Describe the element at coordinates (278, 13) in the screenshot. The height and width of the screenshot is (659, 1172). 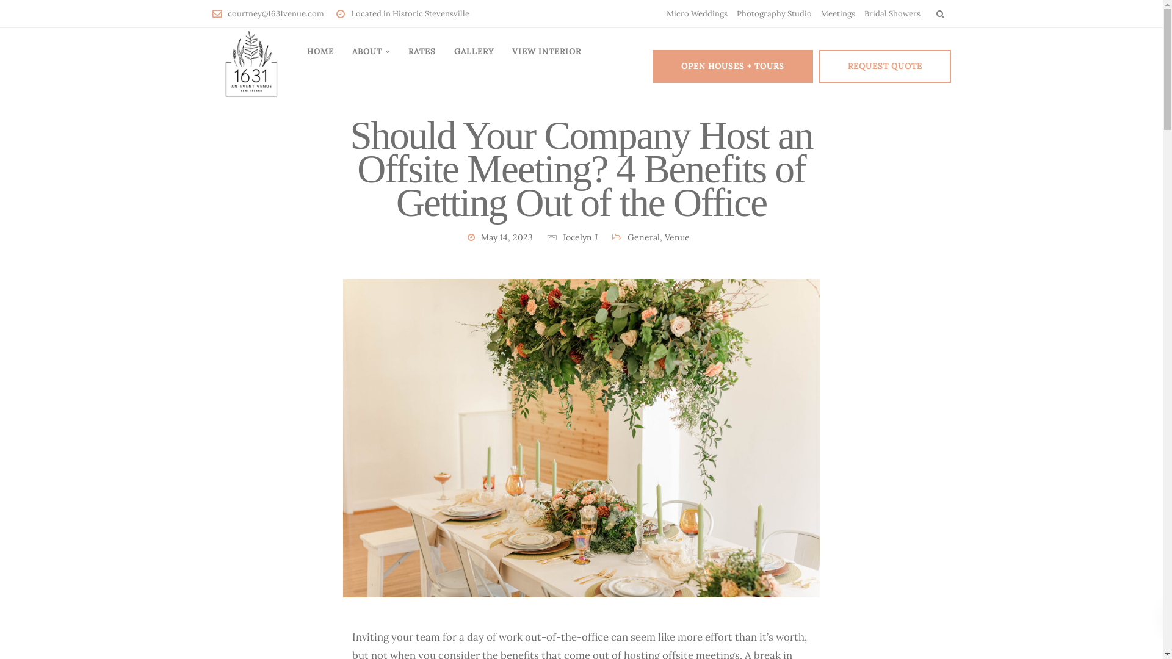
I see `'courtney@1631venue.com'` at that location.